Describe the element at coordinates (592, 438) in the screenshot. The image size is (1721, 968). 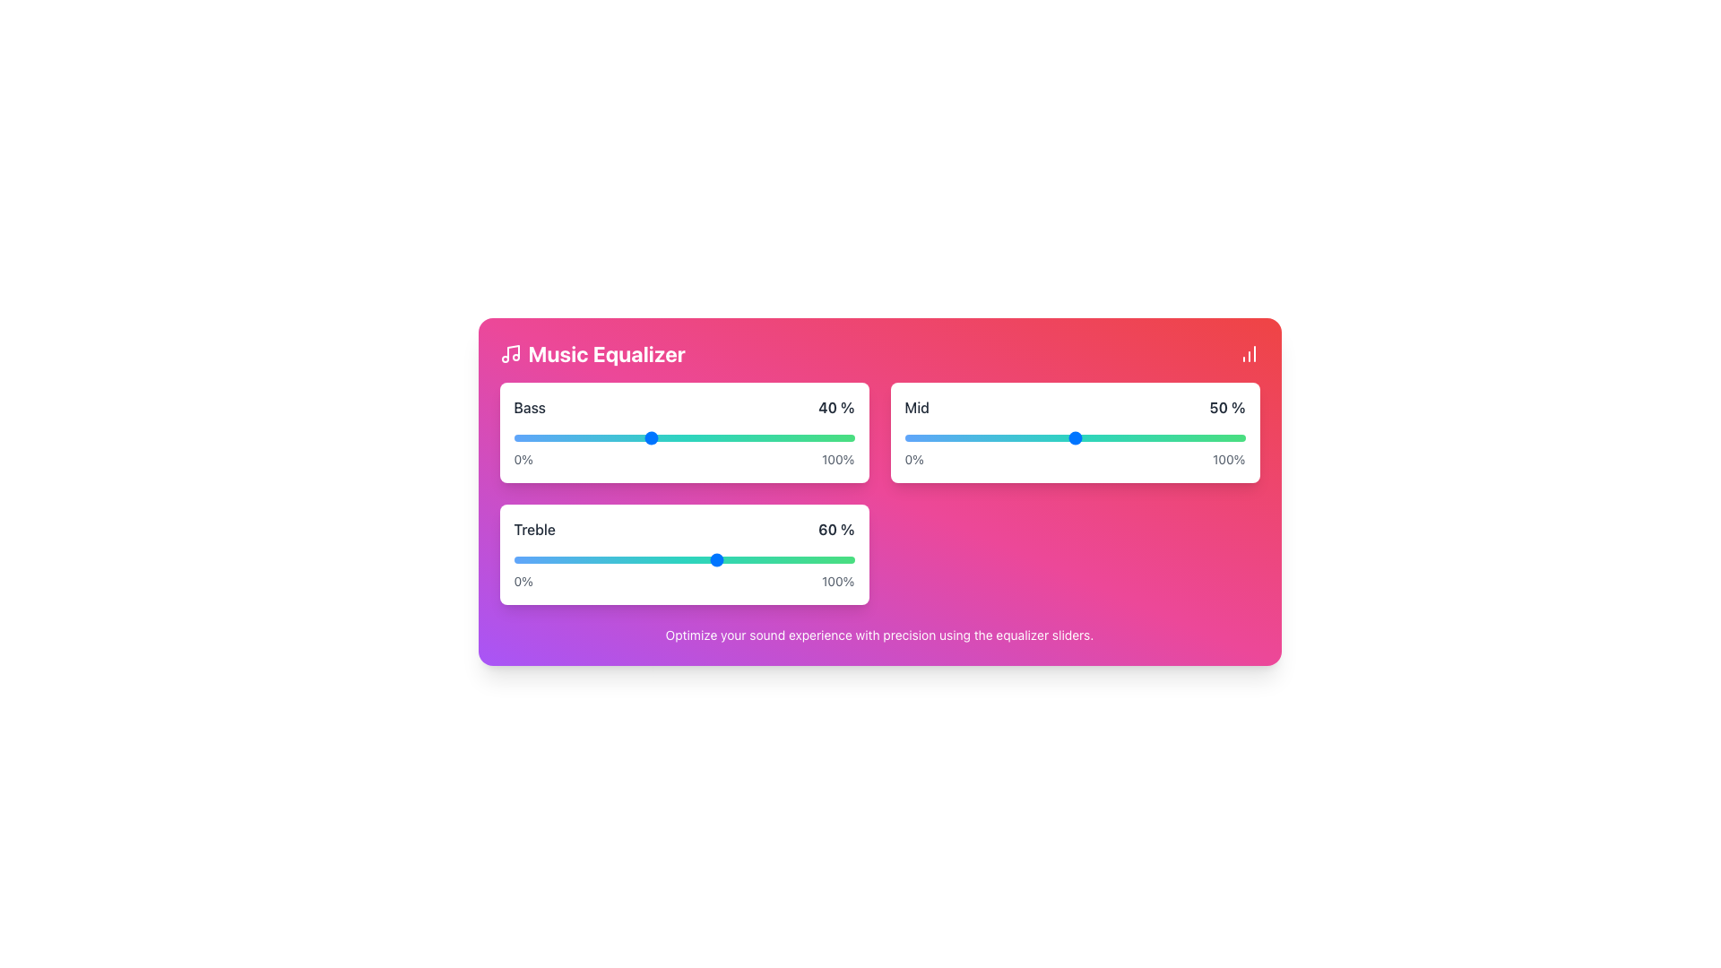
I see `the bass level` at that location.